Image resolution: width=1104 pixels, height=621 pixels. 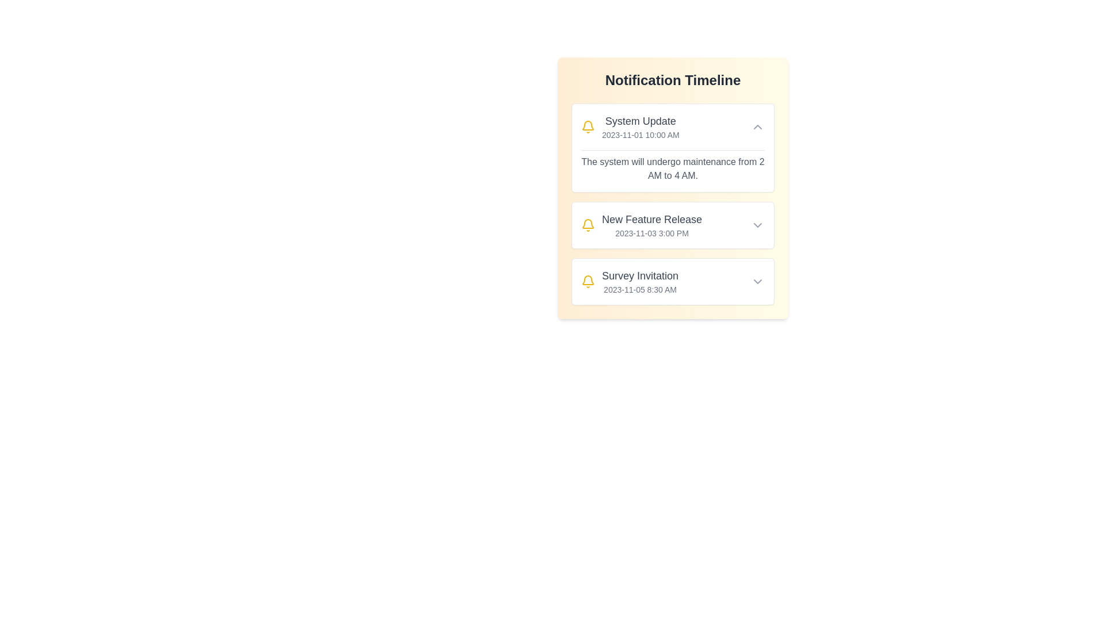 I want to click on the upward-pointing chevron icon styled with a thin stroke and gray color located at the top-right corner of the 'System Update' notification card to receive potential feedback, so click(x=758, y=126).